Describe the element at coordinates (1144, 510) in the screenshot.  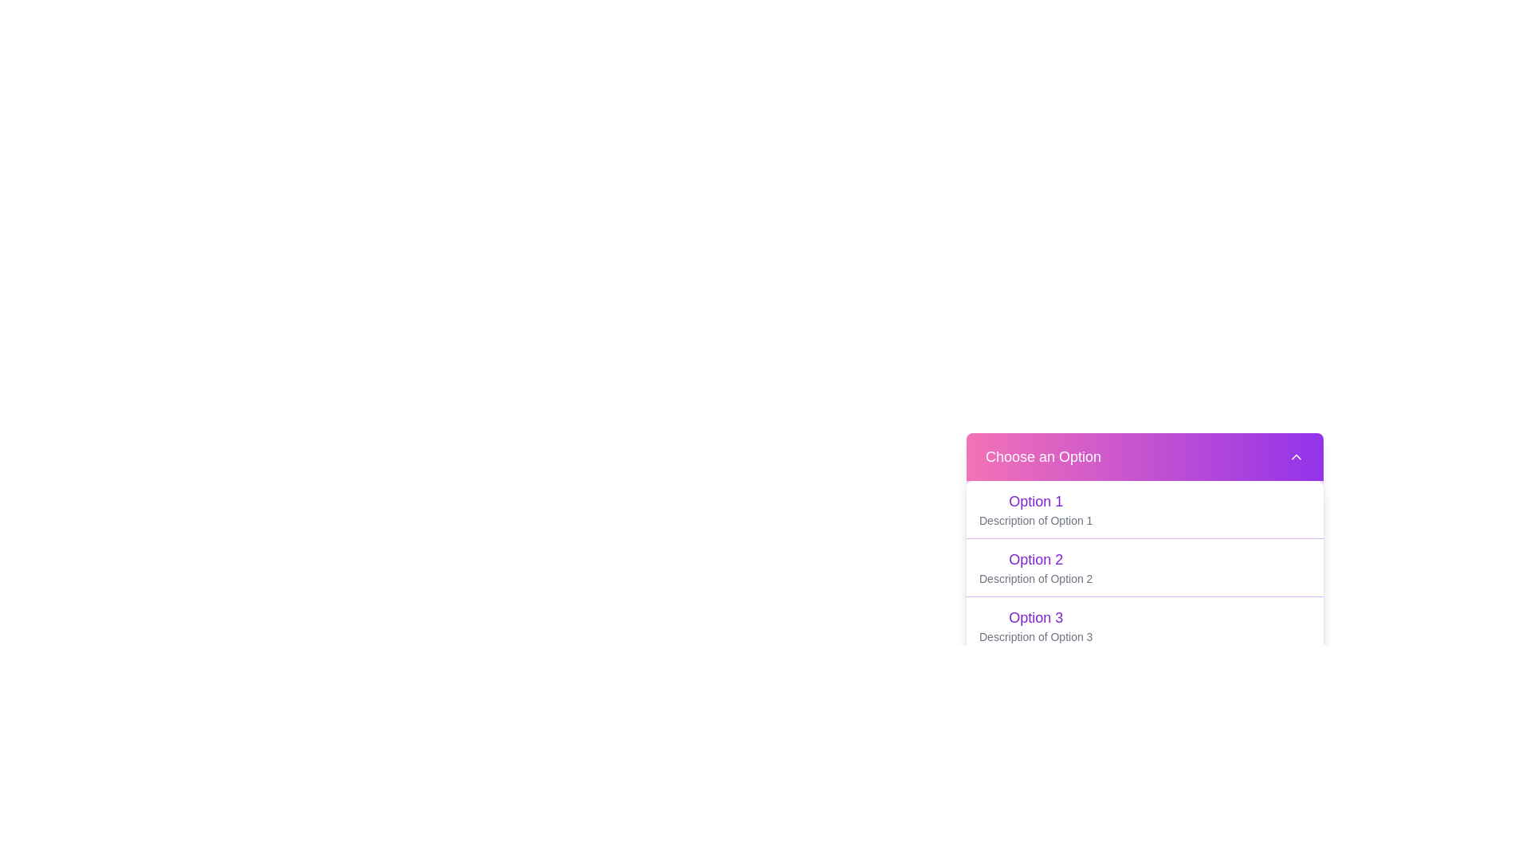
I see `the interactive dropdown option labeled 'Option 1'` at that location.